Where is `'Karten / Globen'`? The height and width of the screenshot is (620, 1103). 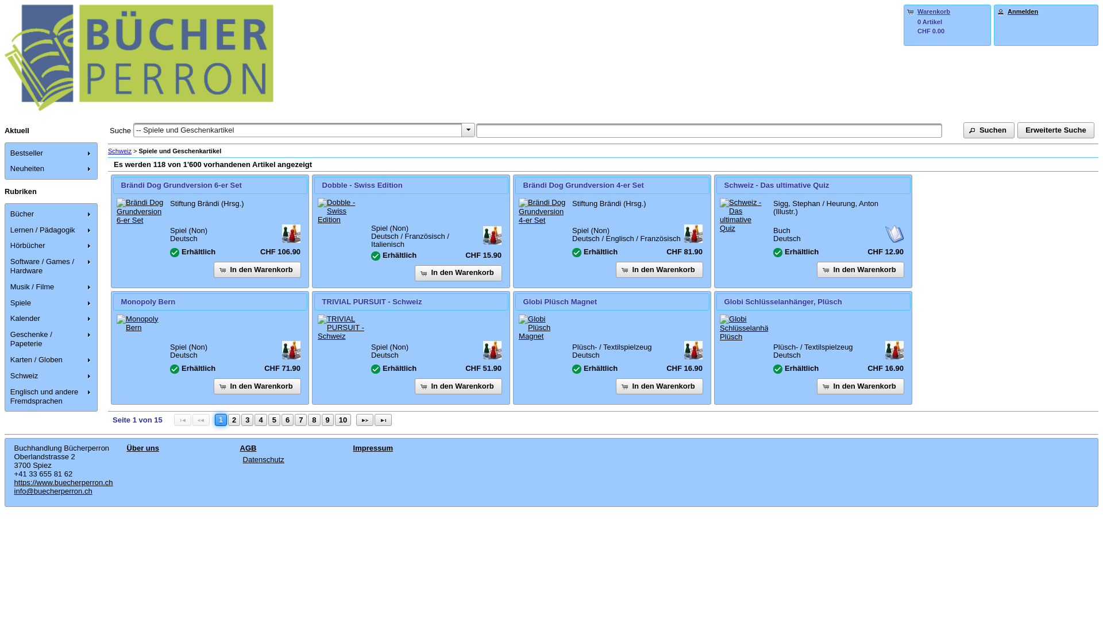
'Karten / Globen' is located at coordinates (51, 359).